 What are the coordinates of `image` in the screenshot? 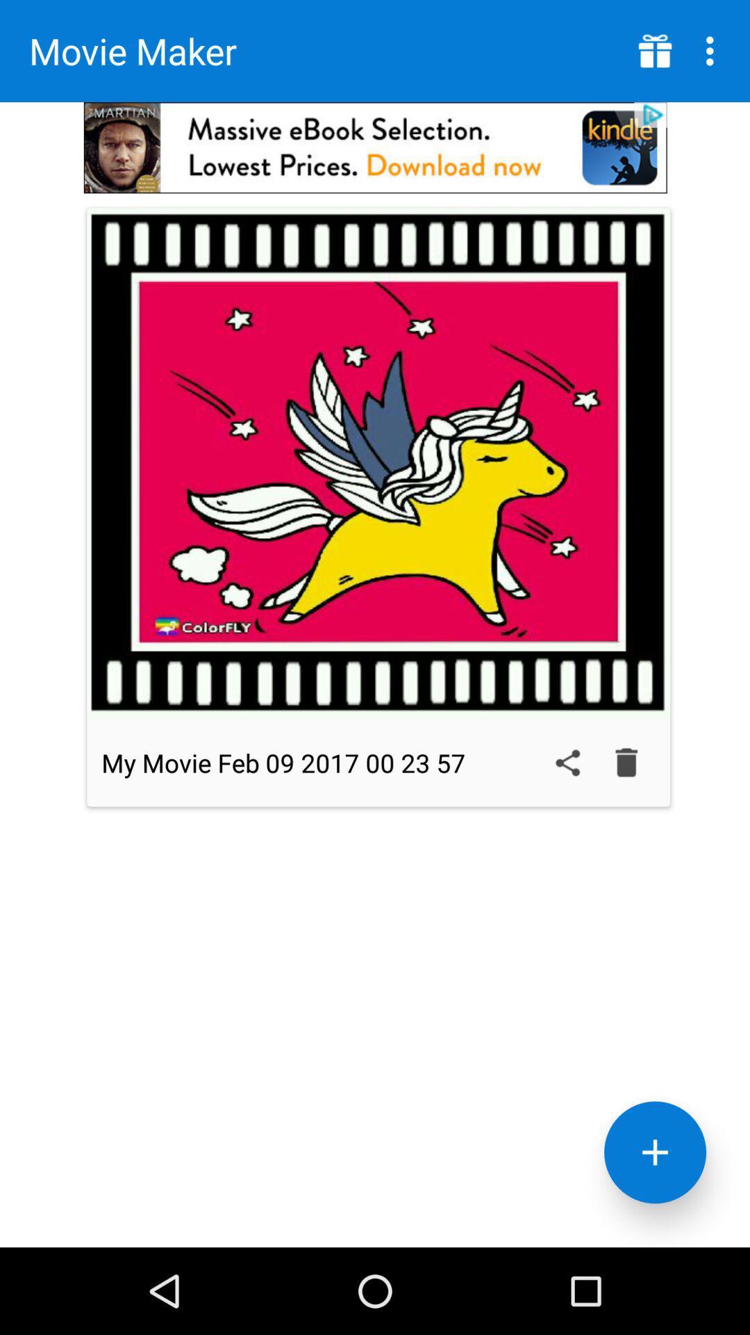 It's located at (378, 463).